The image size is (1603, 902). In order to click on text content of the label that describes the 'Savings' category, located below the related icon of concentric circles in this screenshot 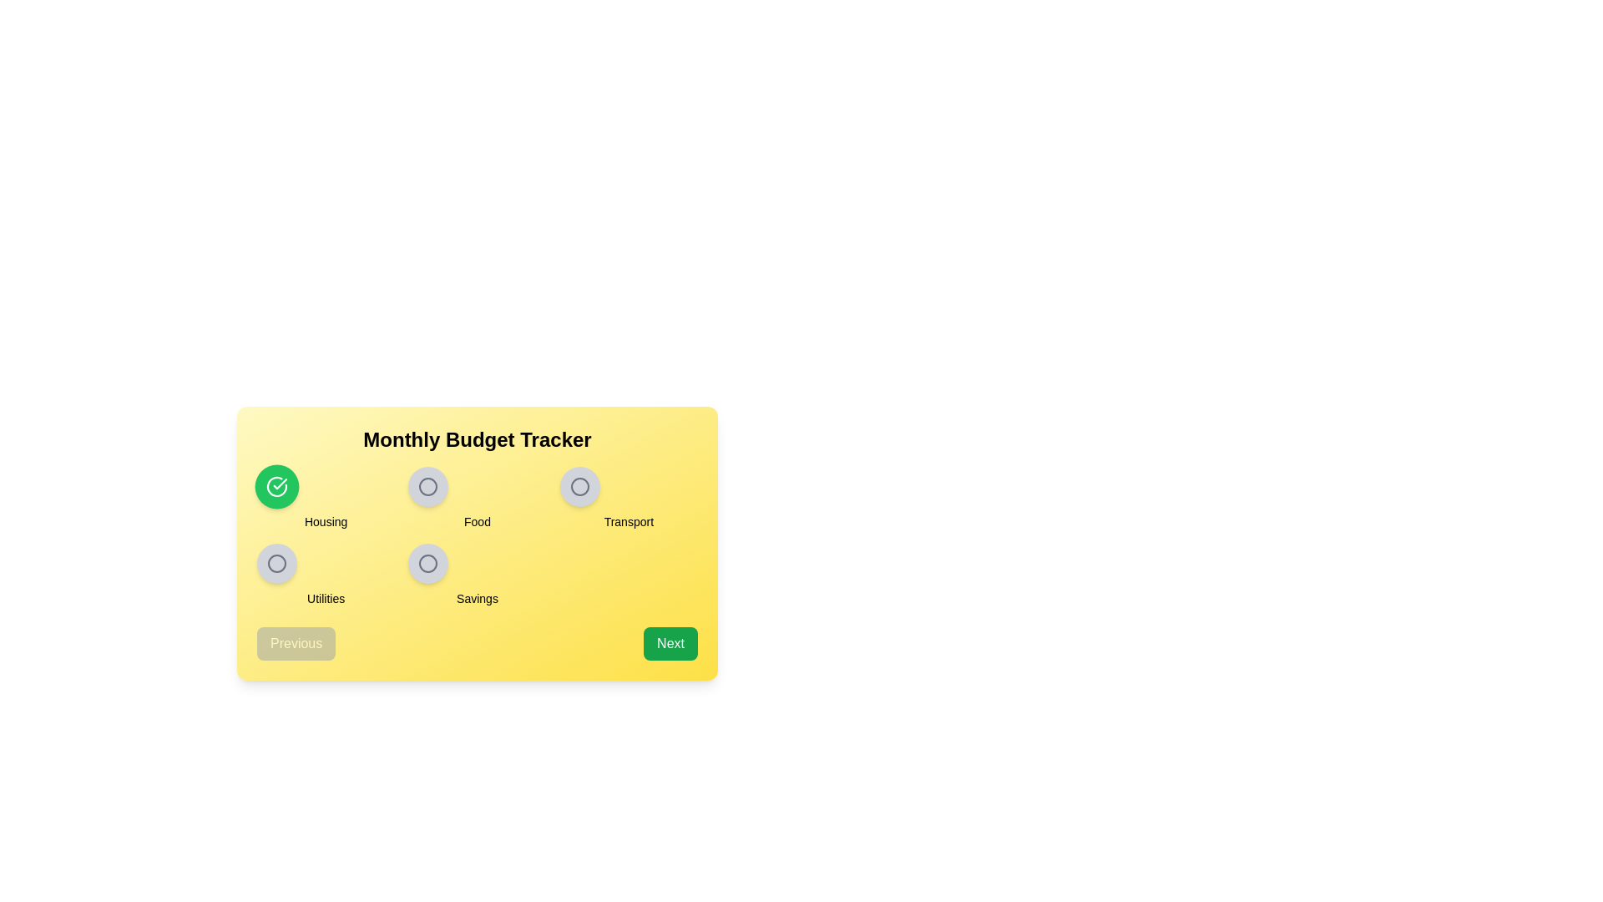, I will do `click(476, 598)`.